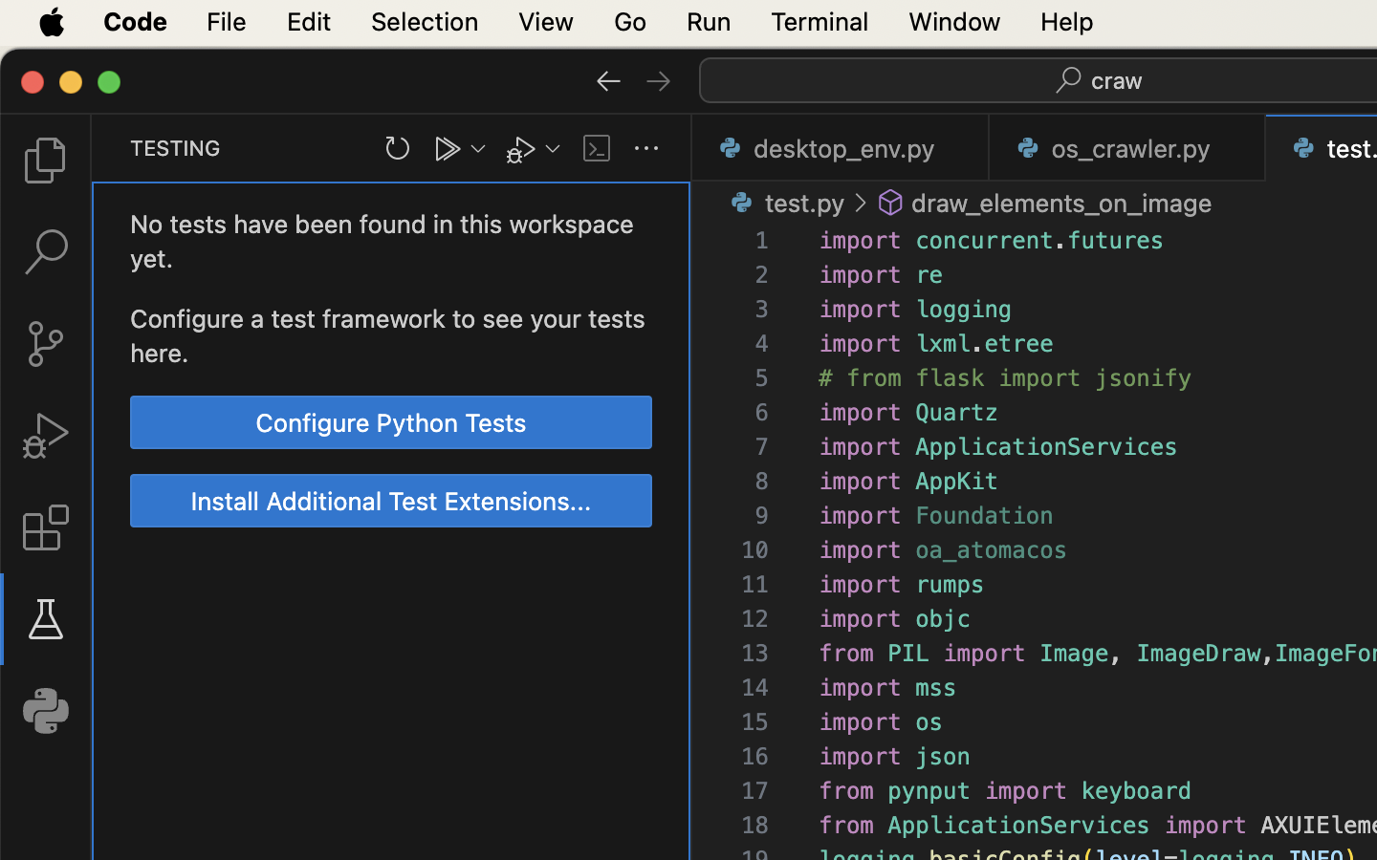 This screenshot has width=1377, height=860. I want to click on '0 ', so click(44, 344).